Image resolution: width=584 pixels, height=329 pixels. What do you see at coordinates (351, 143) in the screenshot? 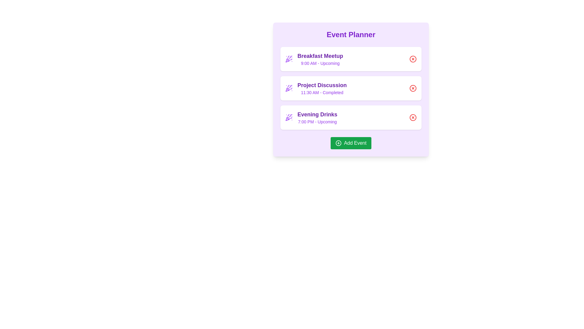
I see `the 'Add Event' button to initiate the event addition process` at bounding box center [351, 143].